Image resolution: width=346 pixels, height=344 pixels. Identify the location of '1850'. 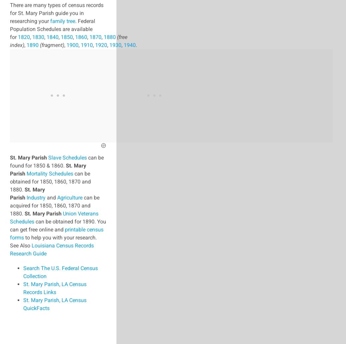
(67, 37).